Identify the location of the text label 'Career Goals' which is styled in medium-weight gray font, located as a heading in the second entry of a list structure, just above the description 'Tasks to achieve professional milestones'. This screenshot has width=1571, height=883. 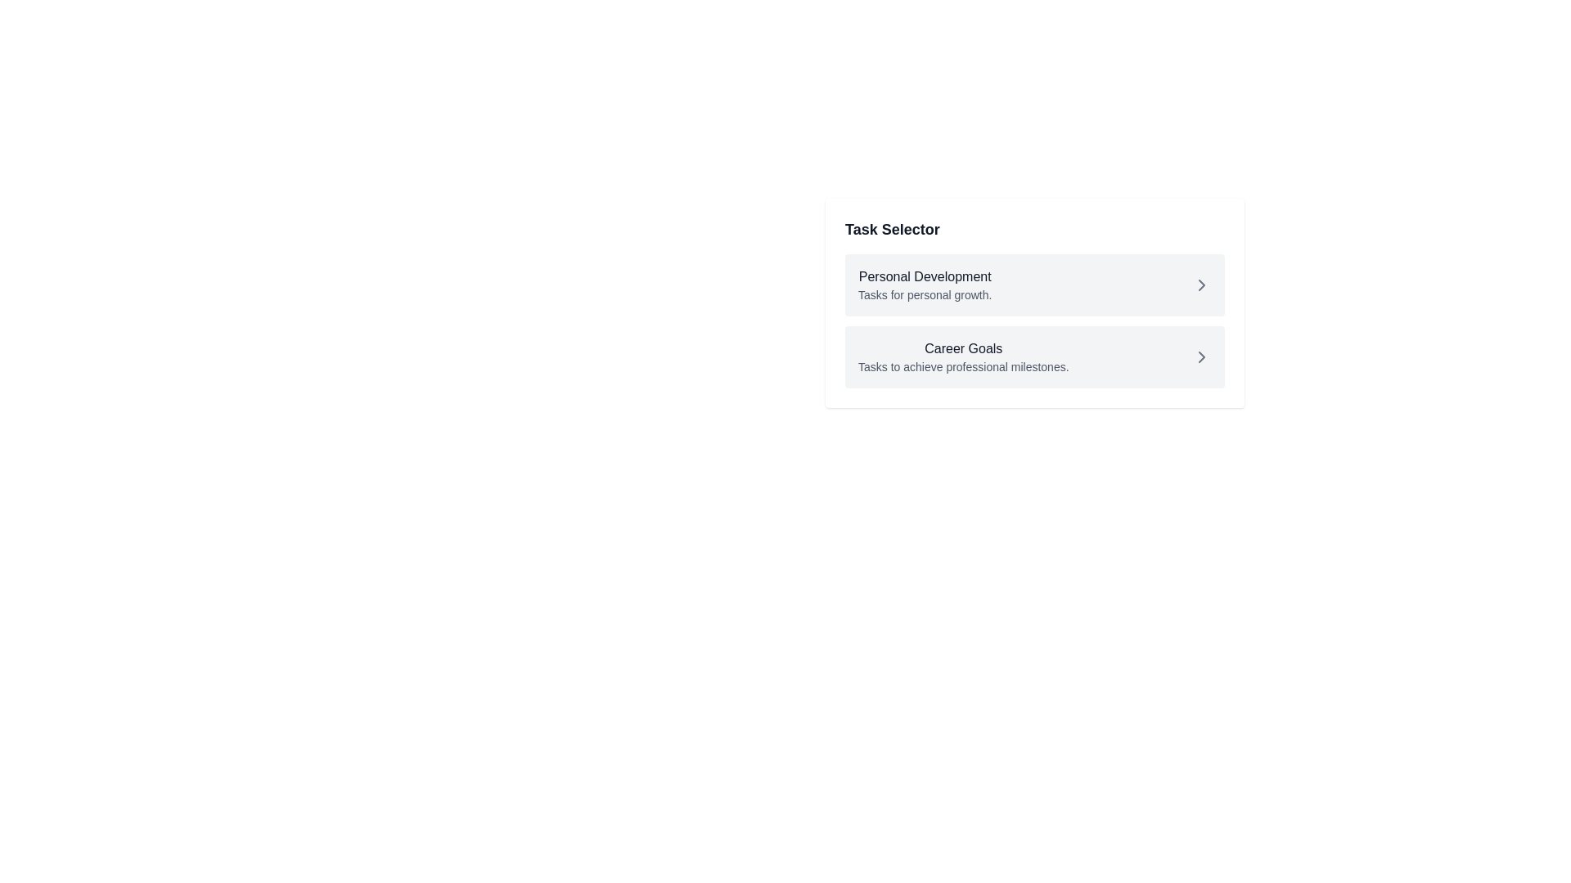
(963, 348).